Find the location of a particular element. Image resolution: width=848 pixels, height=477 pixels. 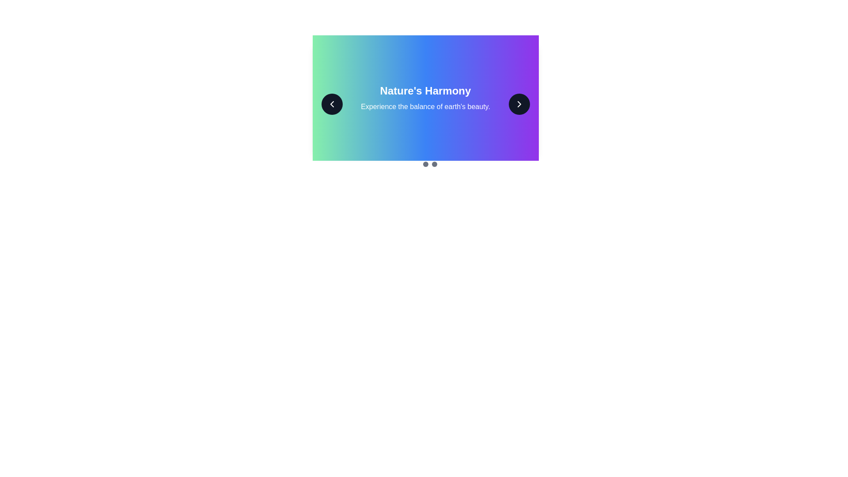

the Chevron navigation icon on the left side of the colorful gradient card is located at coordinates (331, 103).